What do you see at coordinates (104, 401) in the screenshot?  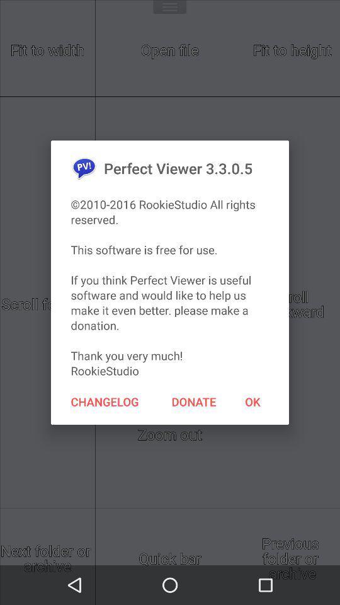 I see `the item on the left` at bounding box center [104, 401].